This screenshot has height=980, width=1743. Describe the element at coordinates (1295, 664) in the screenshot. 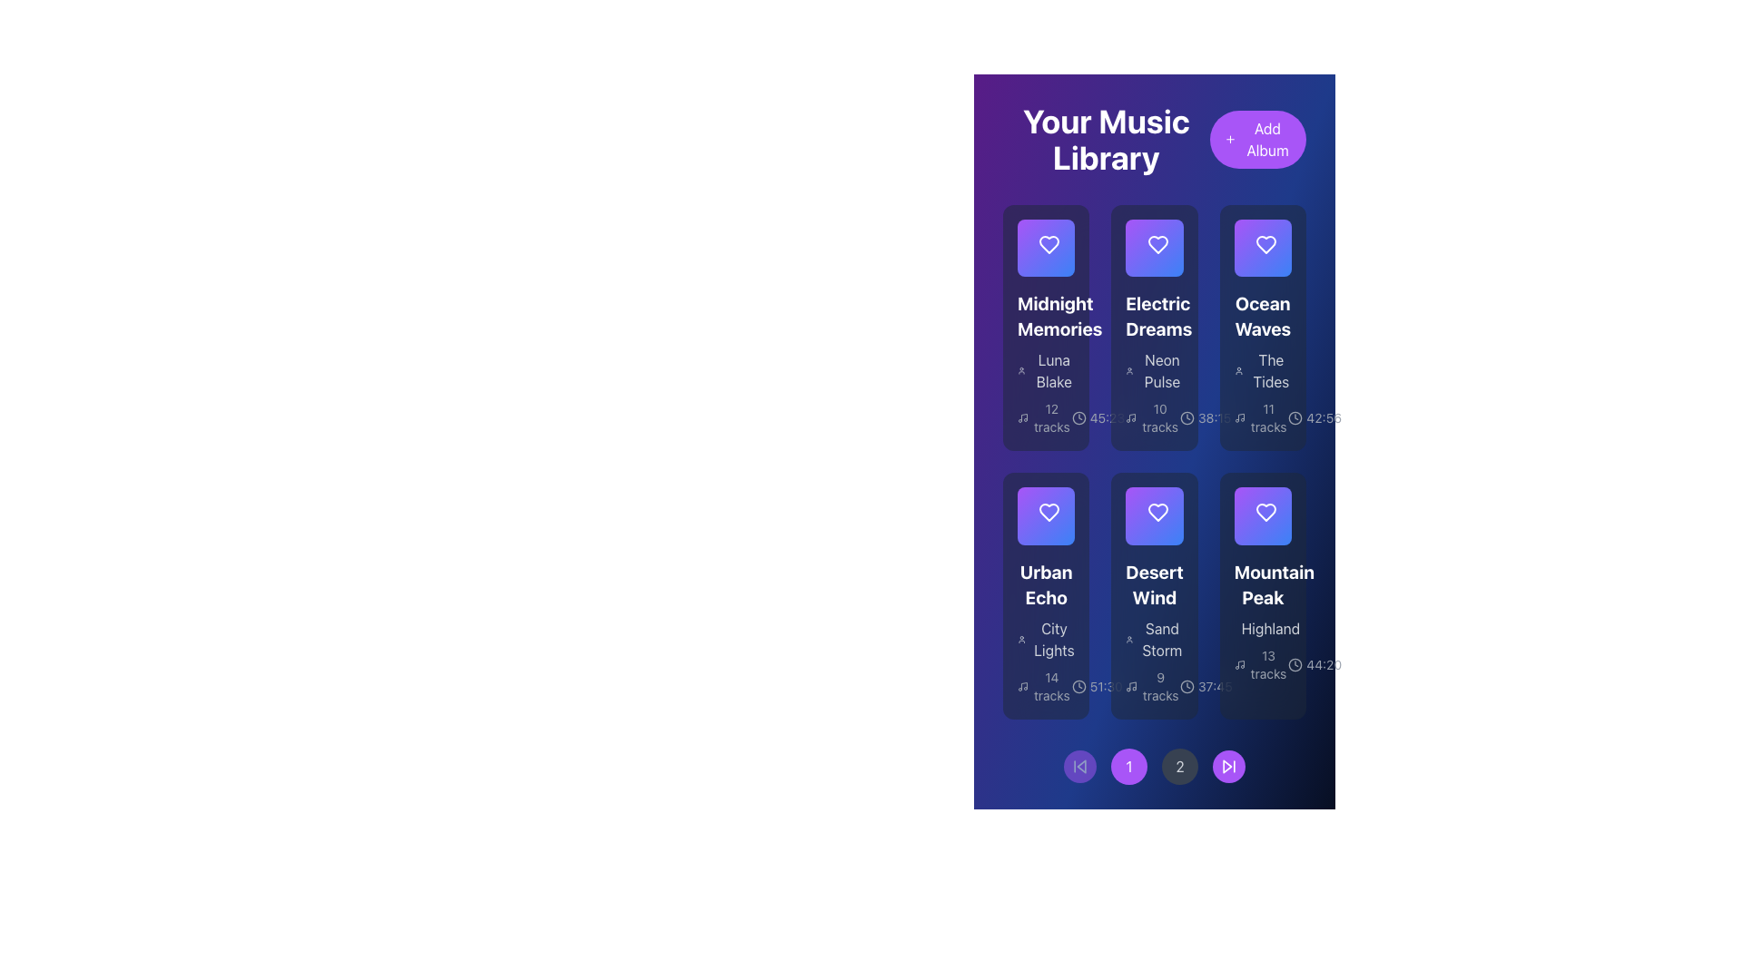

I see `the duration icon located within the 'Mountain Peak' album card, positioned to the left of the '44:20' text` at that location.